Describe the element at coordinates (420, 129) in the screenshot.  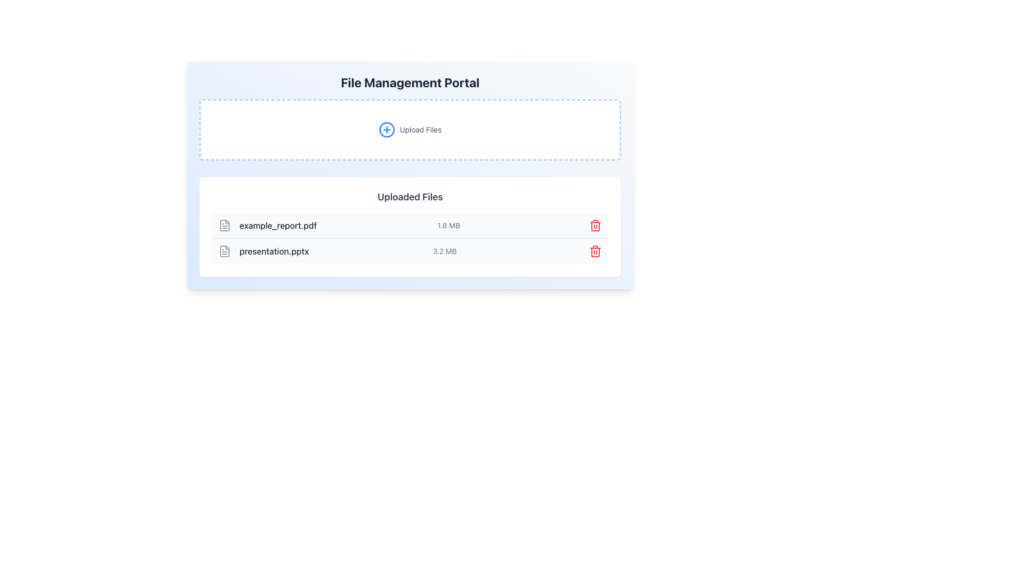
I see `the Text Label that provides guidance for the file upload action, located in the upper center of the layout next to the blue plus icon` at that location.